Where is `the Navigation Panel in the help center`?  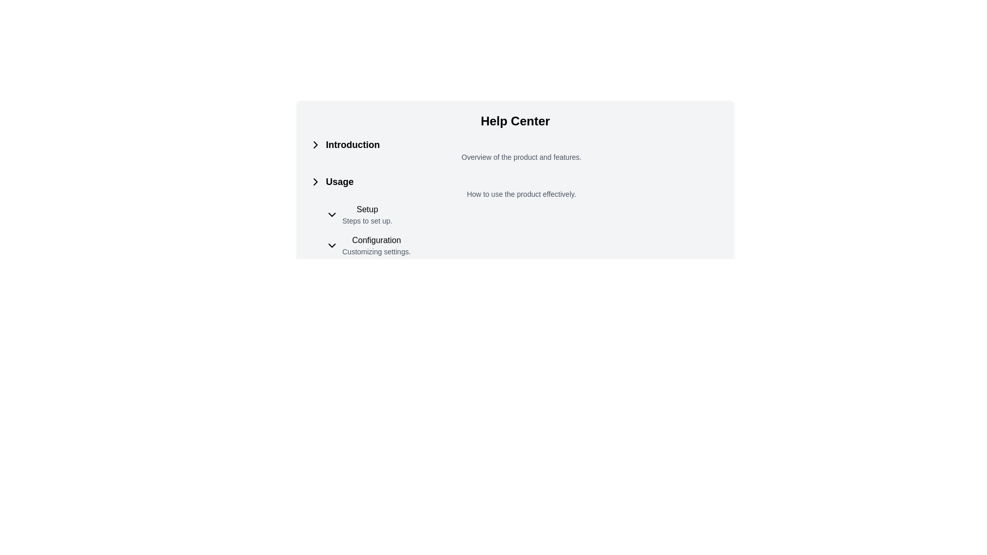
the Navigation Panel in the help center is located at coordinates (515, 215).